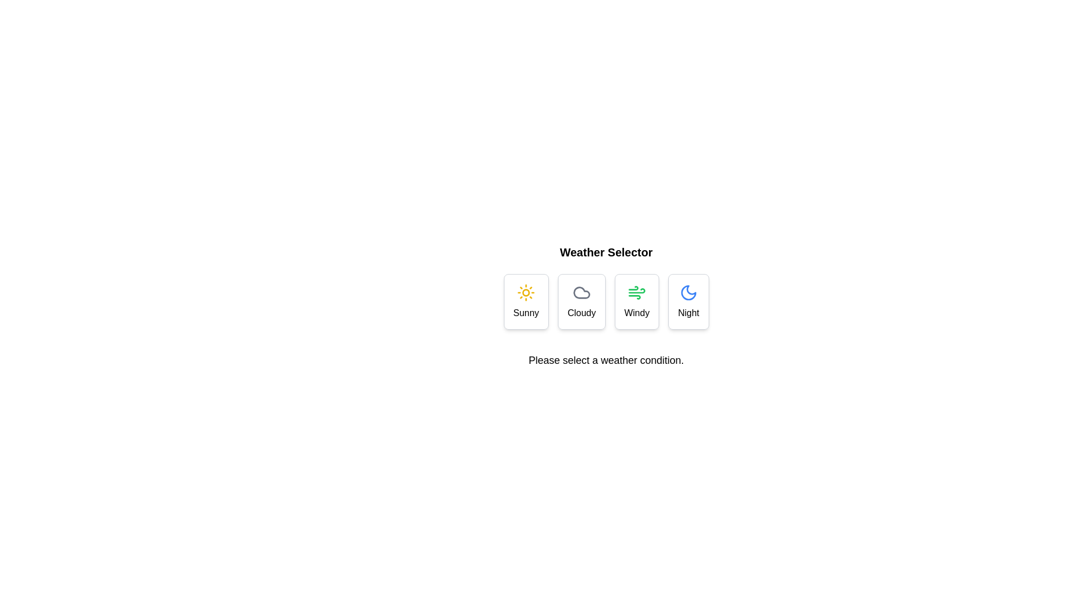 The height and width of the screenshot is (614, 1092). Describe the element at coordinates (688, 301) in the screenshot. I see `the 'Night' weather condition button, which is the fourth button in a horizontal sequence of weather condition options, located to the right of the 'Windy' button` at that location.